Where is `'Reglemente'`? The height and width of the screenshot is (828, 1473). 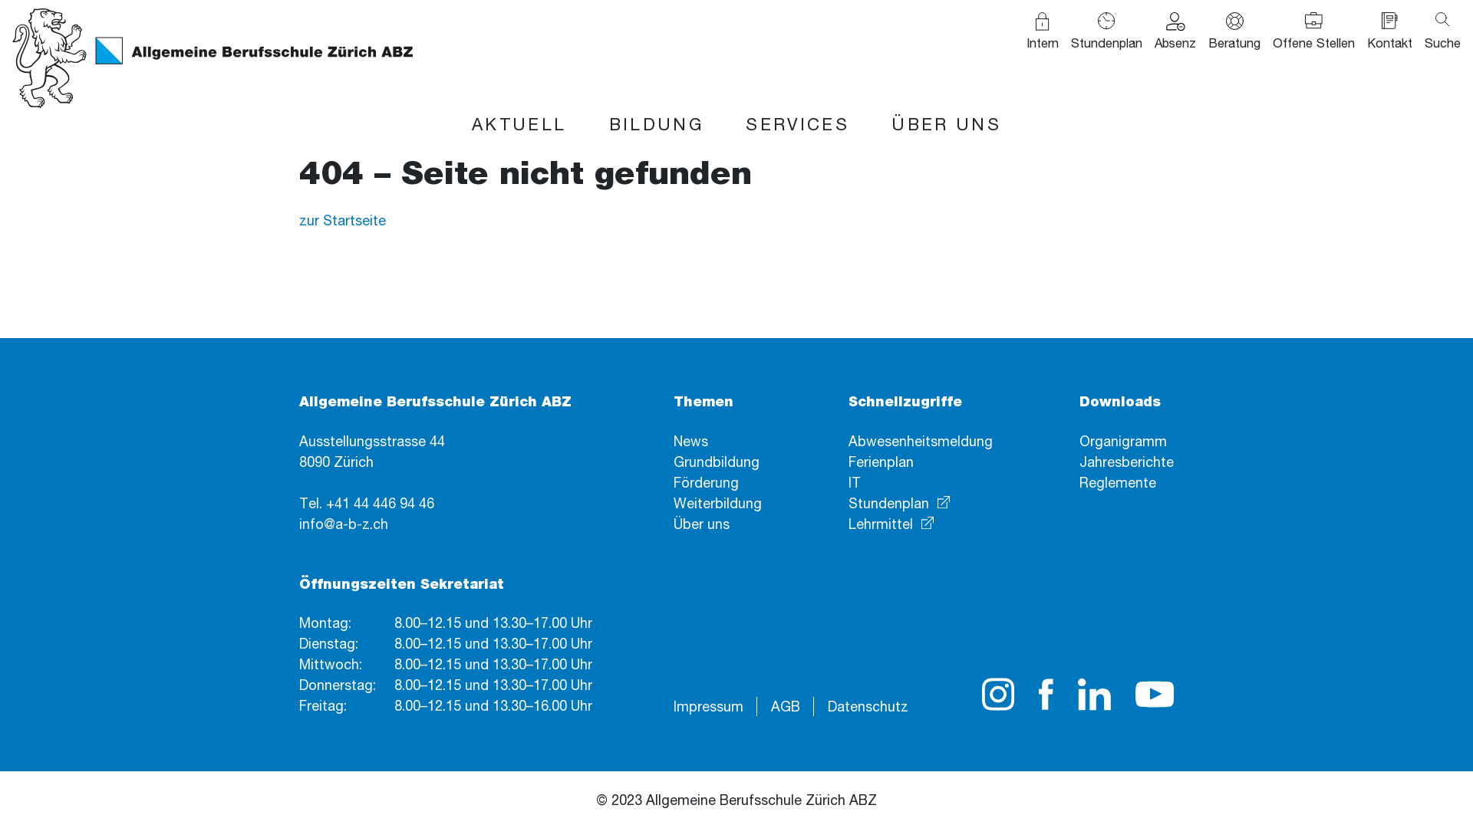
'Reglemente' is located at coordinates (1078, 481).